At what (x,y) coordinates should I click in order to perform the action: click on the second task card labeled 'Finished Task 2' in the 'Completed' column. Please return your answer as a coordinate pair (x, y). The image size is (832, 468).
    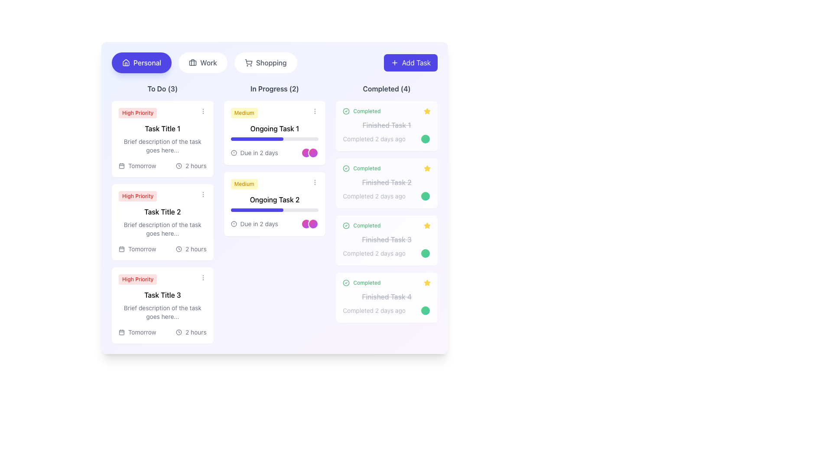
    Looking at the image, I should click on (386, 183).